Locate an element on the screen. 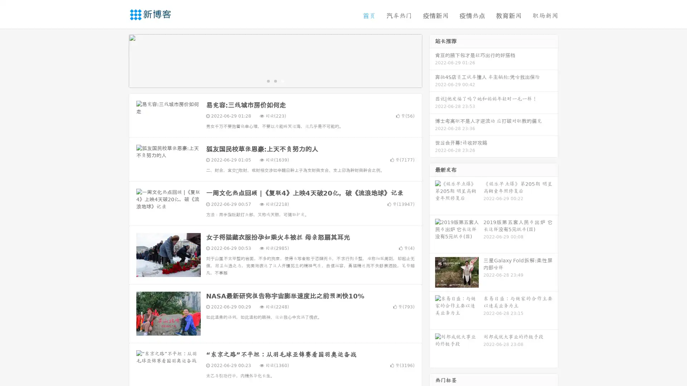 Image resolution: width=687 pixels, height=386 pixels. Previous slide is located at coordinates (118, 60).